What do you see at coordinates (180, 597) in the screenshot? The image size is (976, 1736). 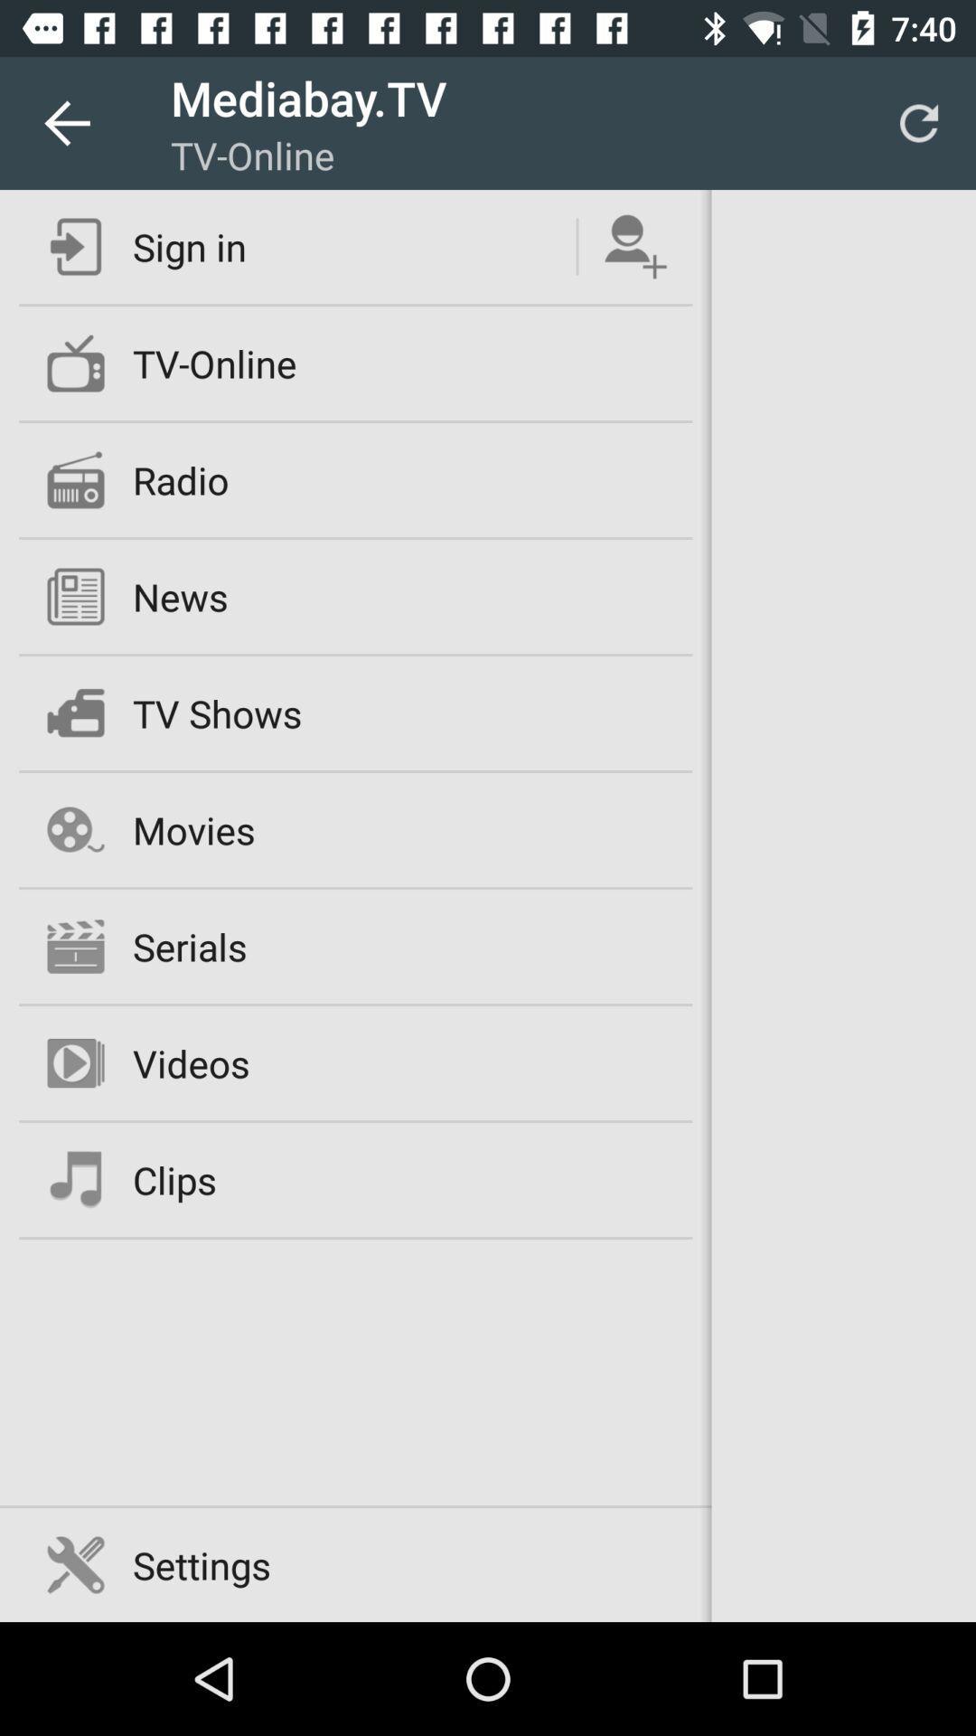 I see `news icon` at bounding box center [180, 597].